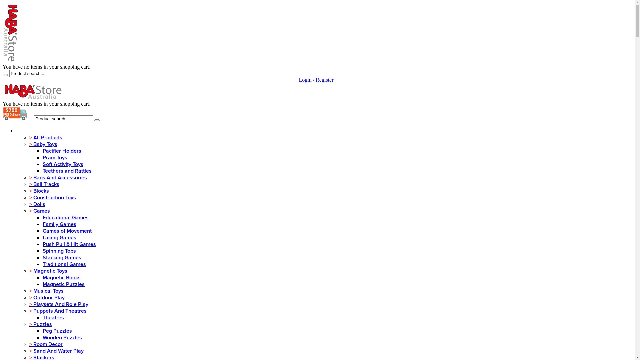 Image resolution: width=640 pixels, height=360 pixels. I want to click on 'Magnetic Books', so click(62, 278).